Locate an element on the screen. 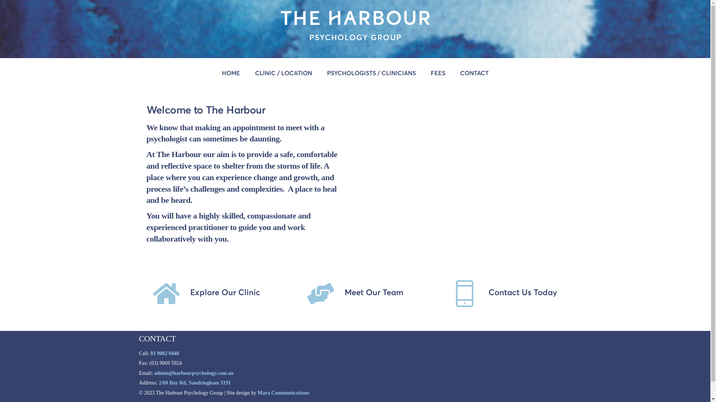  'HOME' is located at coordinates (230, 73).